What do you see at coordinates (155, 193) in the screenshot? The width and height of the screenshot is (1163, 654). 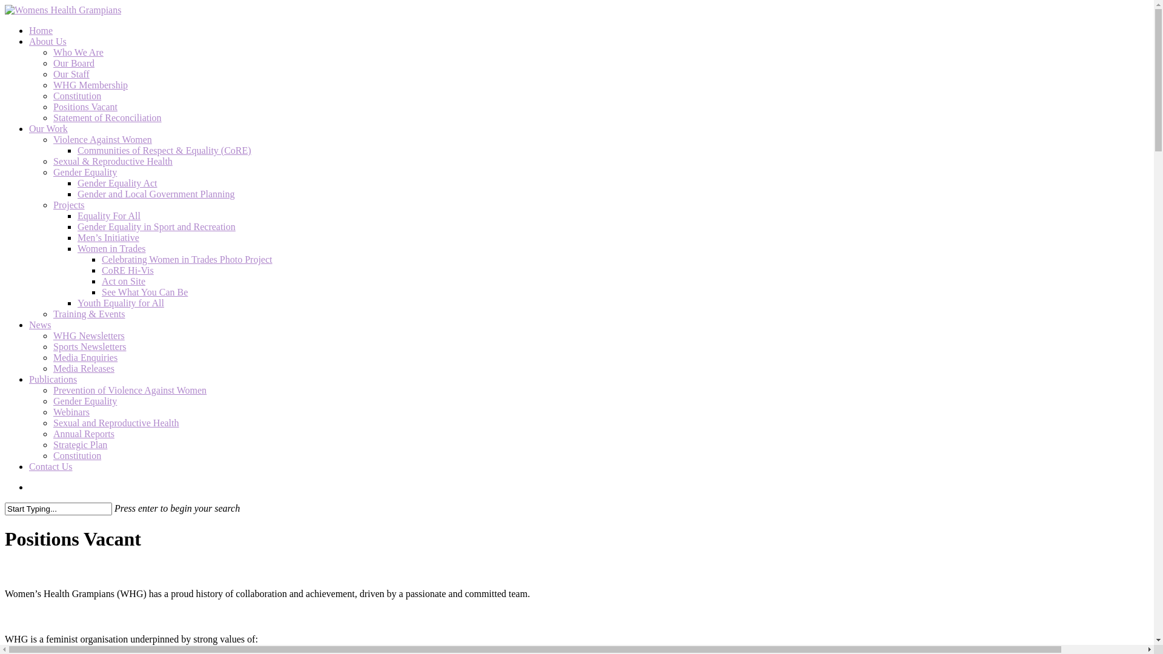 I see `'Gender and Local Government Planning'` at bounding box center [155, 193].